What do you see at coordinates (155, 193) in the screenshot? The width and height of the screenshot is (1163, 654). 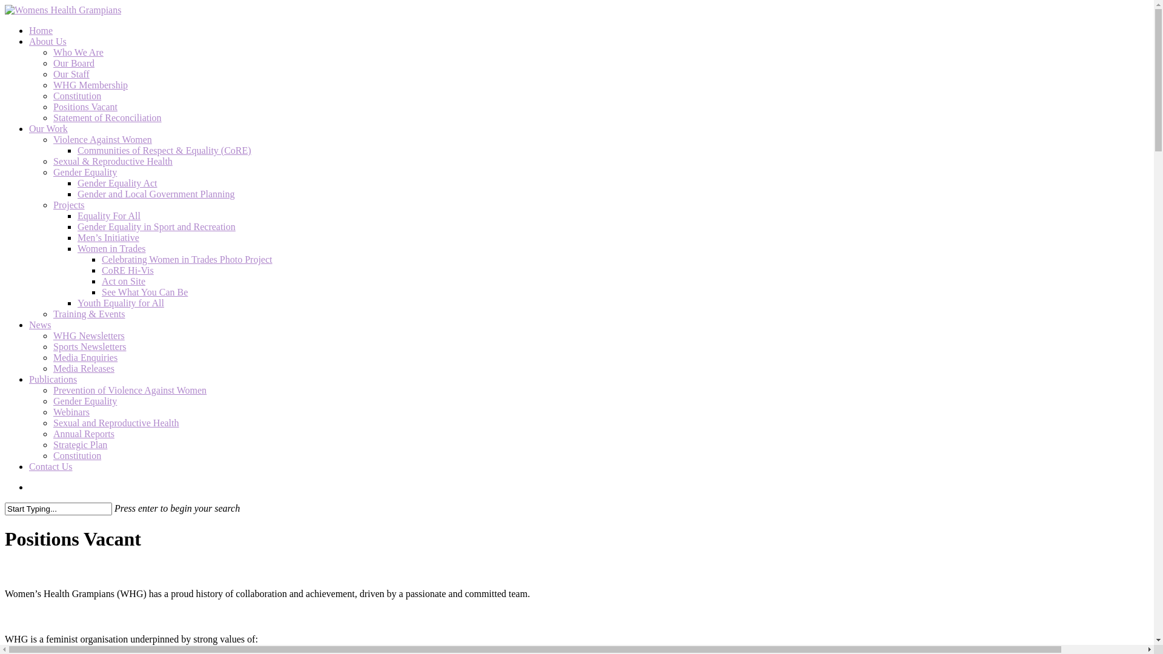 I see `'Gender and Local Government Planning'` at bounding box center [155, 193].